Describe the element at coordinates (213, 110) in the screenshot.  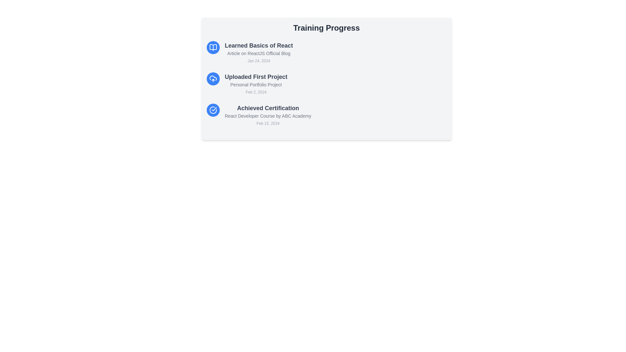
I see `the circular icon with a blue background and a white check mark, which indicates task completion, located to the left of the 'Achieved Certification' section in the list of milestones` at that location.